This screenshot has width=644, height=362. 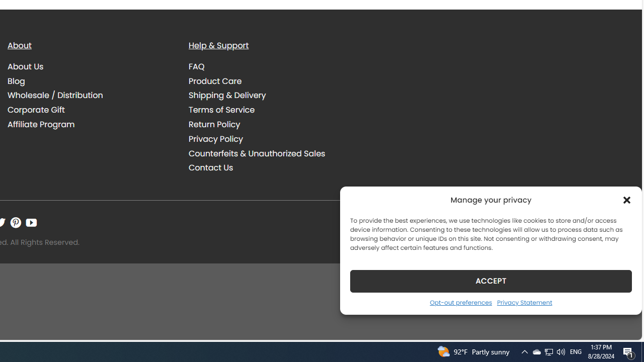 What do you see at coordinates (272, 153) in the screenshot?
I see `'Counterfeits & Unauthorized Sales'` at bounding box center [272, 153].